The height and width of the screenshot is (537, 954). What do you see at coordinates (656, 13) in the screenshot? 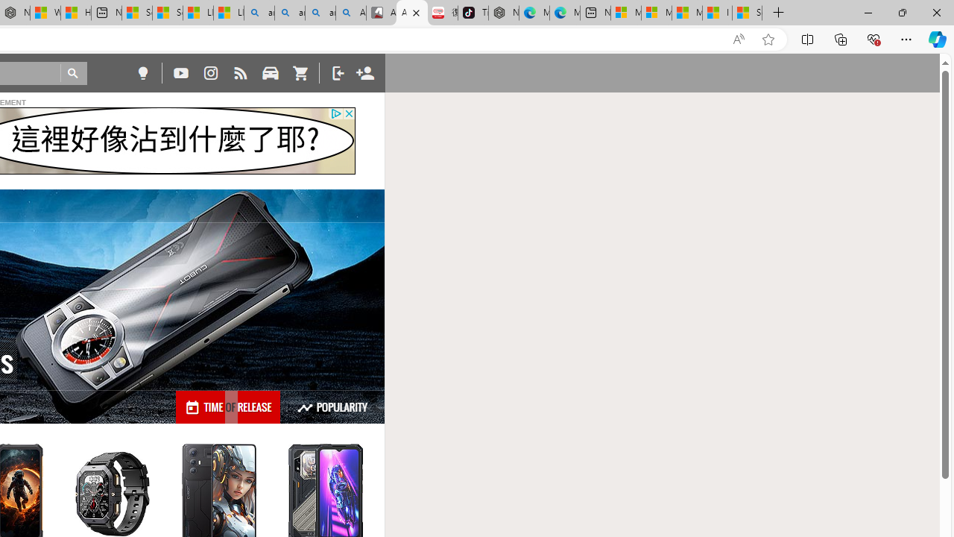
I see `'Microsoft account | Privacy'` at bounding box center [656, 13].